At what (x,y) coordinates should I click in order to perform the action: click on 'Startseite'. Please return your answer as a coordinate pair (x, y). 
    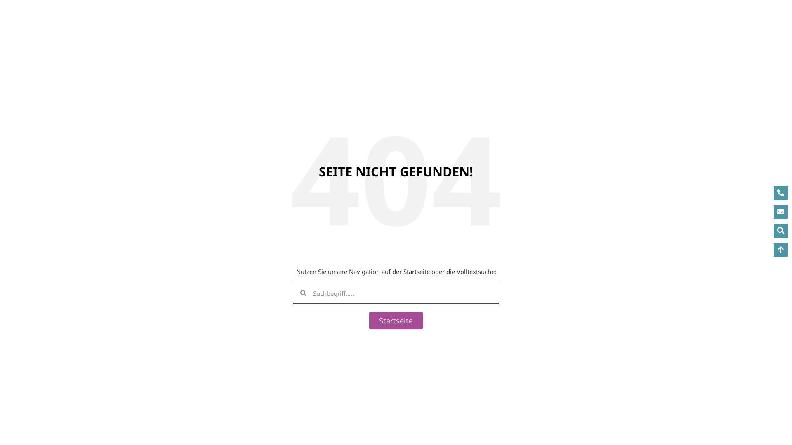
    Looking at the image, I should click on (396, 319).